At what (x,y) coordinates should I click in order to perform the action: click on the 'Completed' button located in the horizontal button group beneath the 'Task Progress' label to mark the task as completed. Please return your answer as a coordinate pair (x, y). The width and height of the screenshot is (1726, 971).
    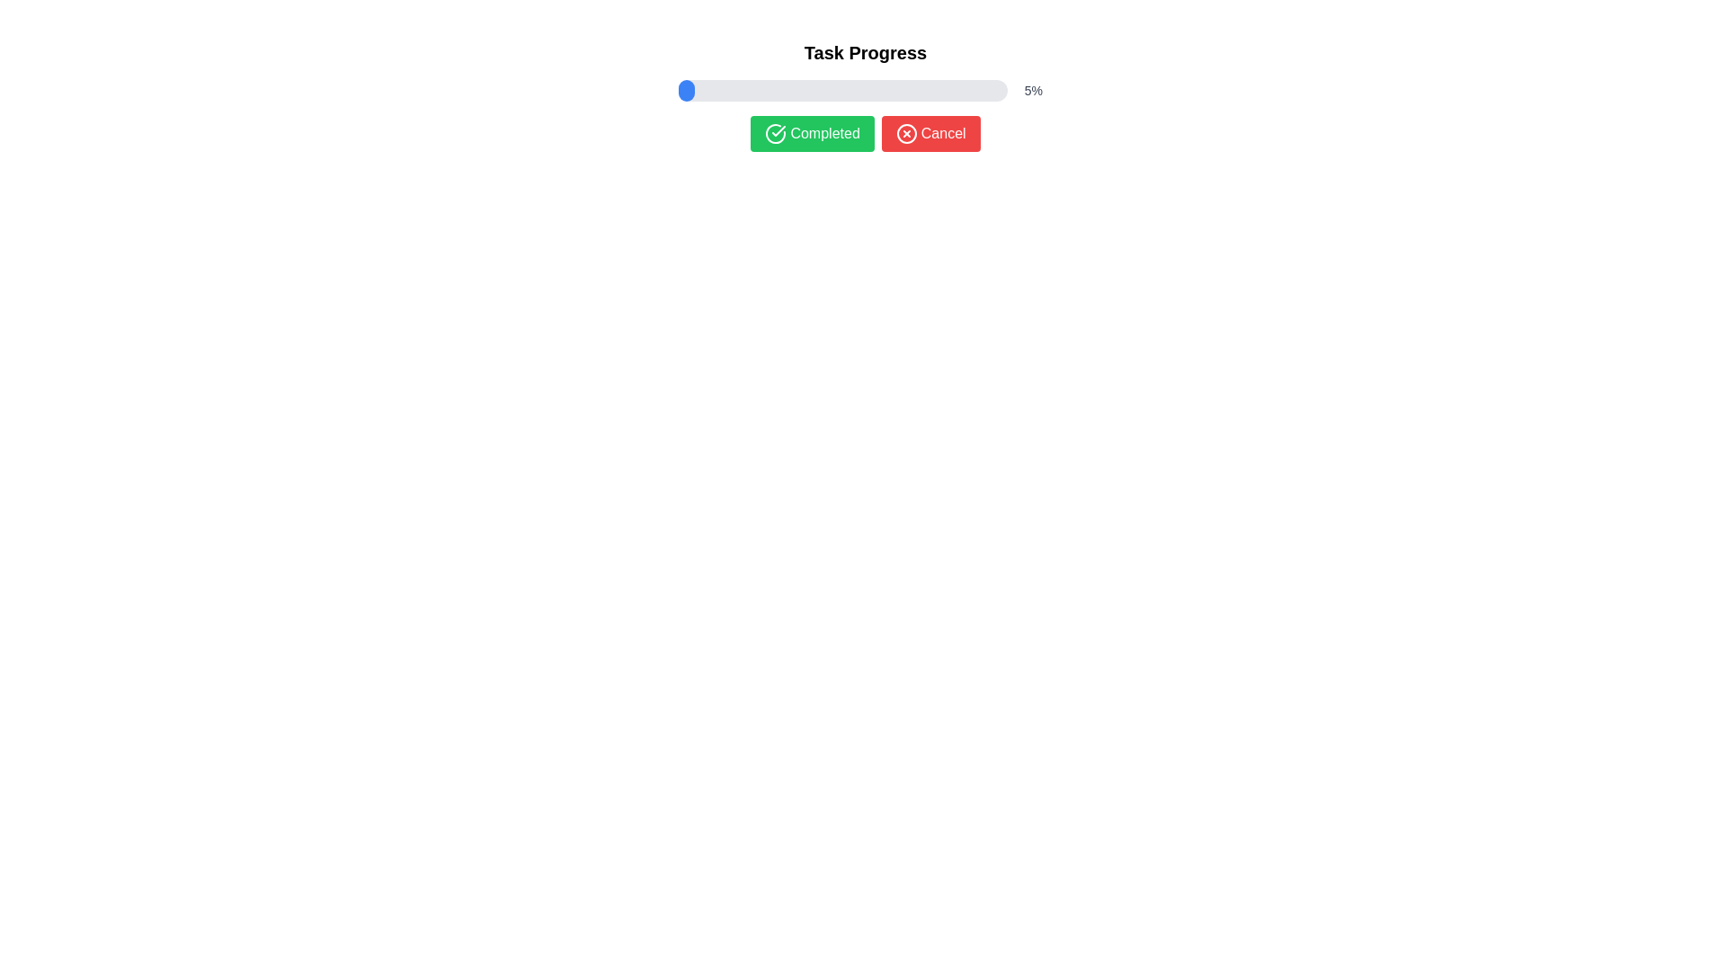
    Looking at the image, I should click on (866, 133).